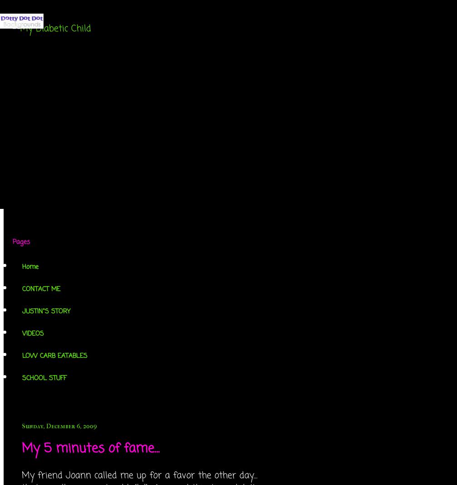 Image resolution: width=457 pixels, height=485 pixels. I want to click on 'Pages', so click(13, 242).